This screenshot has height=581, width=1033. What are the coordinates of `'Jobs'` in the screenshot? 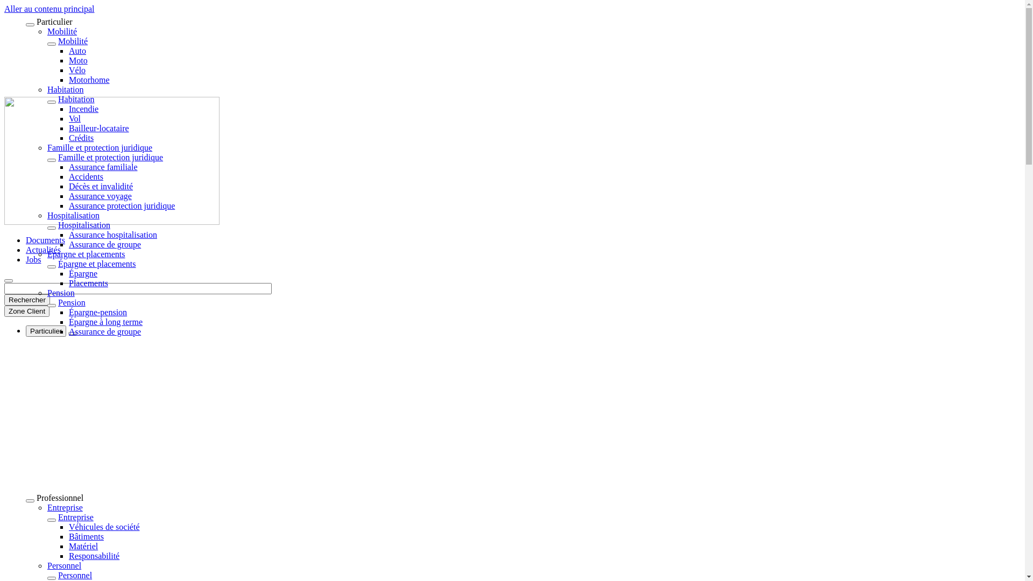 It's located at (33, 259).